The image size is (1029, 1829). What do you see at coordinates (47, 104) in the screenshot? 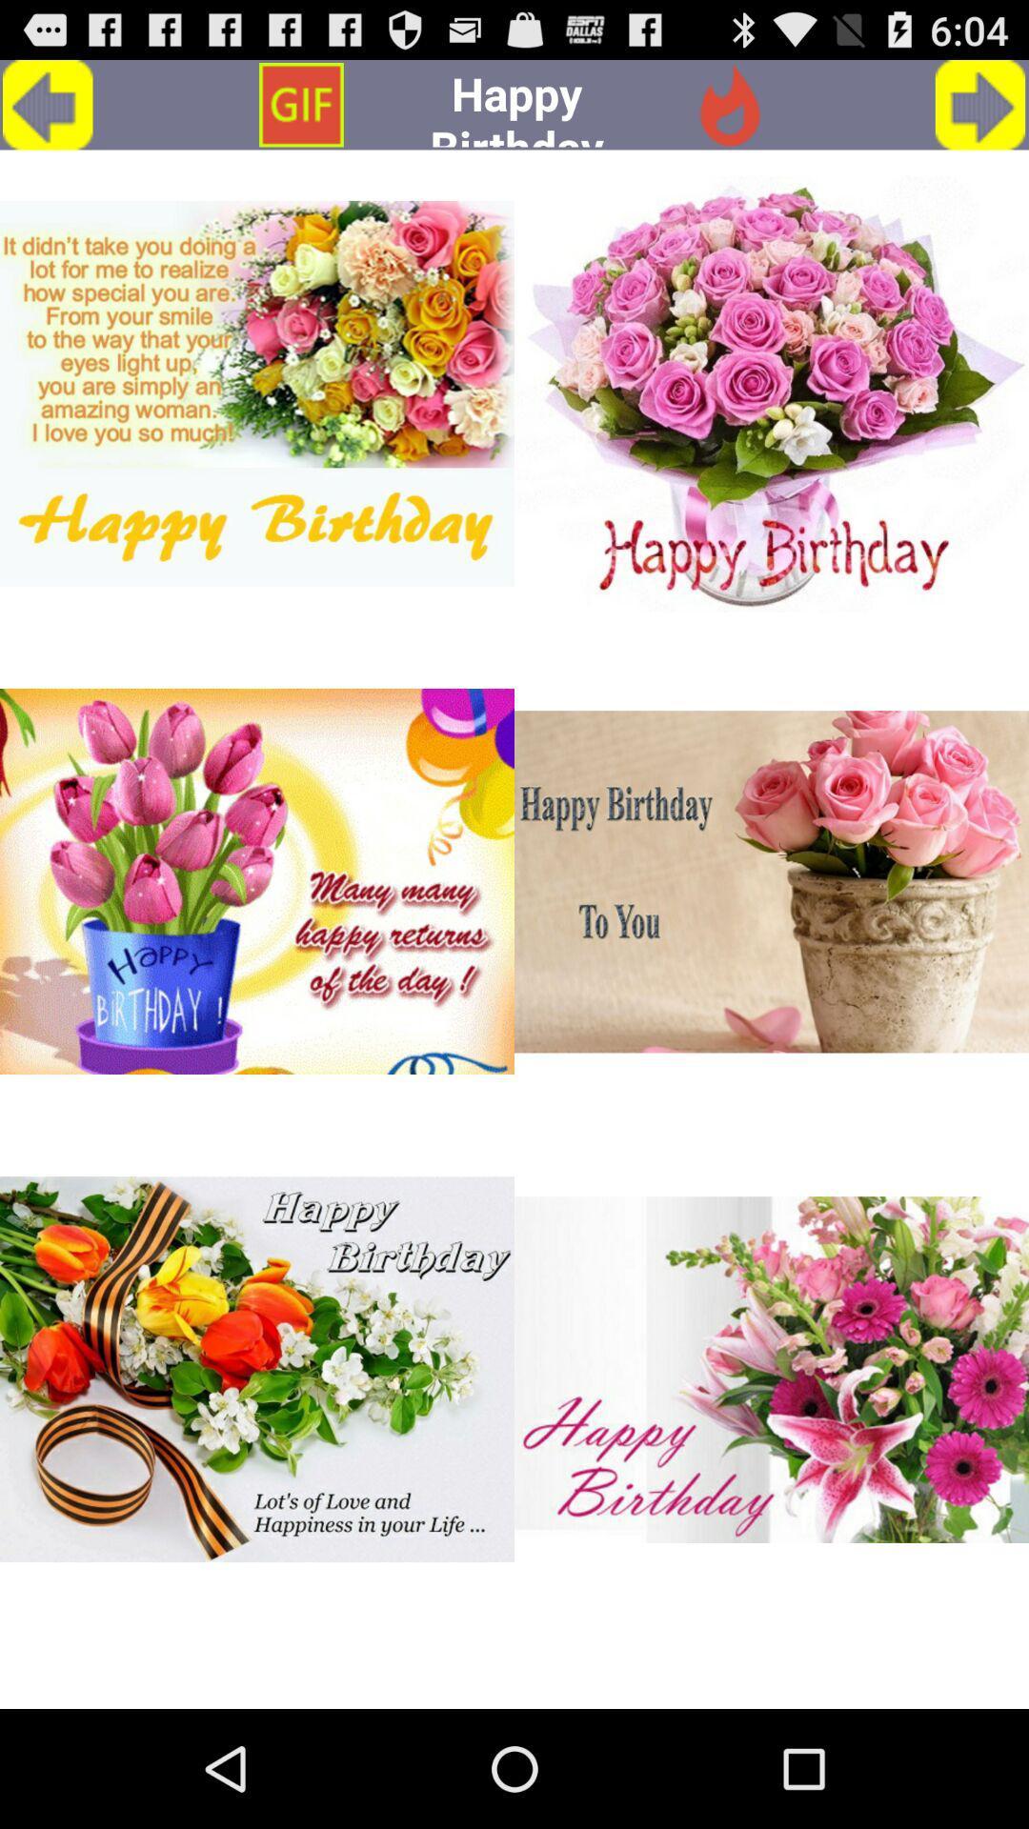
I see `previous` at bounding box center [47, 104].